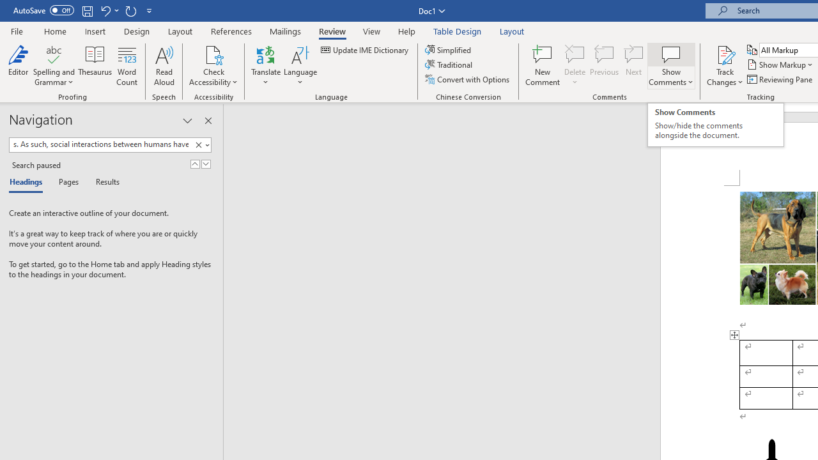 The image size is (818, 460). Describe the element at coordinates (213, 66) in the screenshot. I see `'Check Accessibility'` at that location.